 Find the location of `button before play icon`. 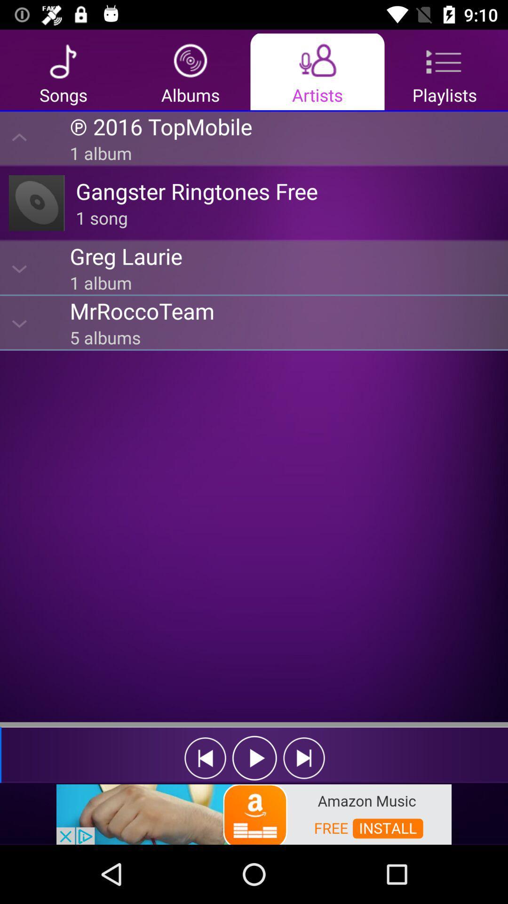

button before play icon is located at coordinates (205, 758).